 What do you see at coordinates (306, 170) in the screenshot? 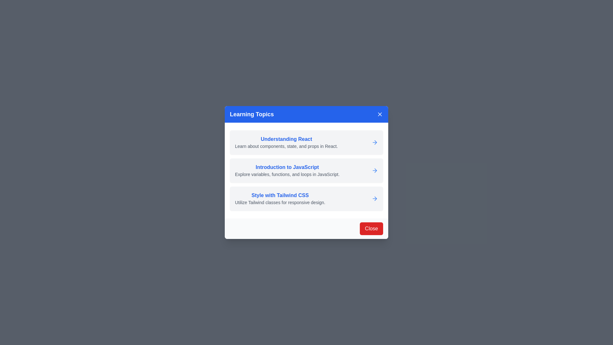
I see `the central informational card within the 'Learning Topics' modal` at bounding box center [306, 170].